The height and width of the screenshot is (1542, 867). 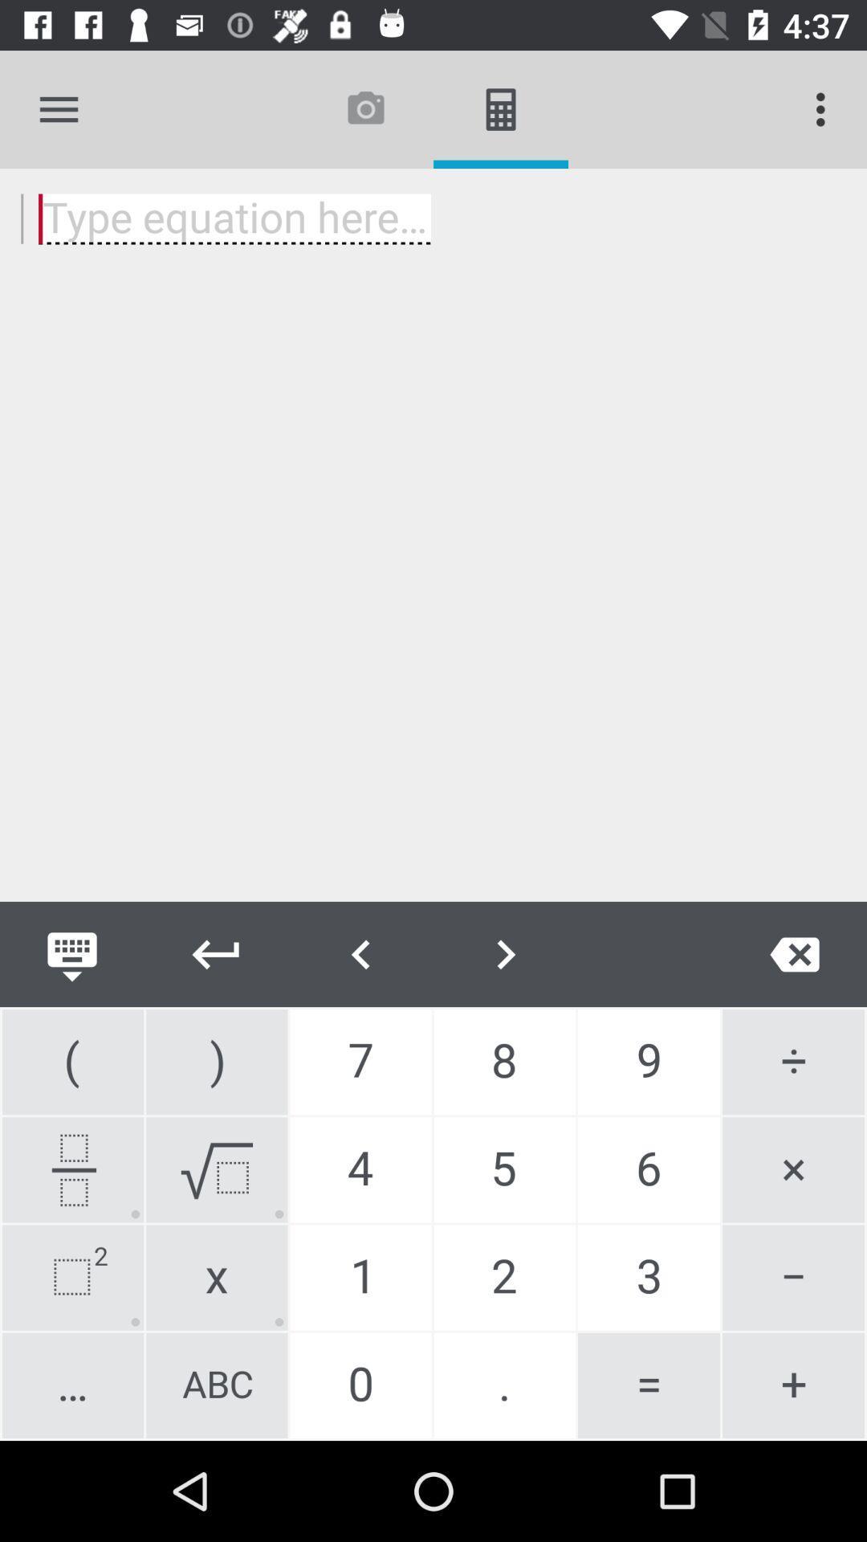 What do you see at coordinates (795, 954) in the screenshot?
I see `switch delete option` at bounding box center [795, 954].